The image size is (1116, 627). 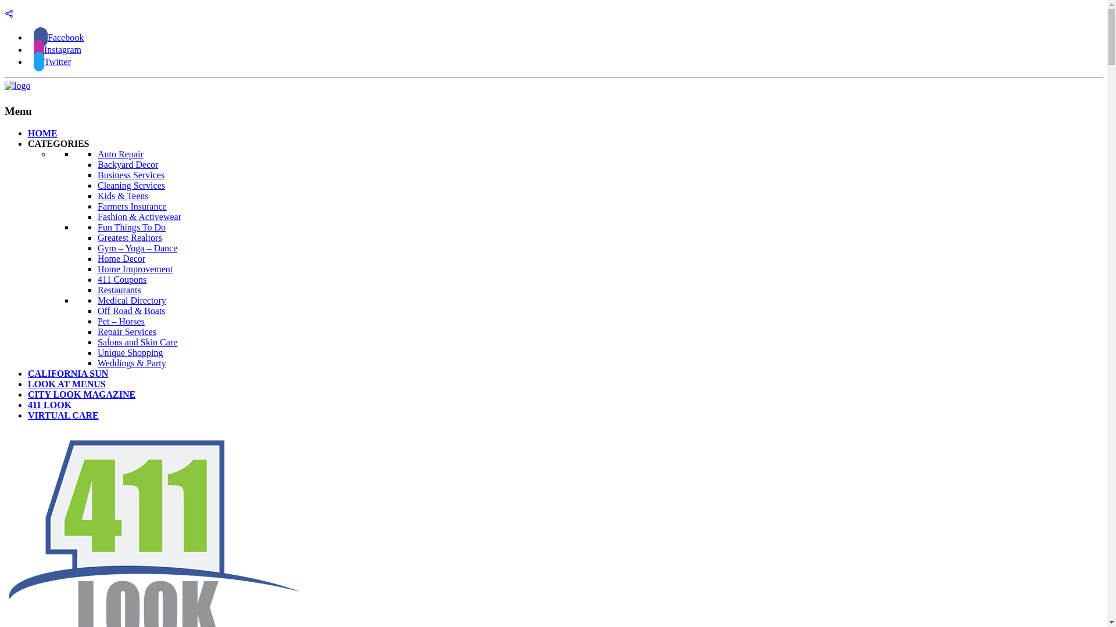 What do you see at coordinates (66, 384) in the screenshot?
I see `'LOOK AT MENUS'` at bounding box center [66, 384].